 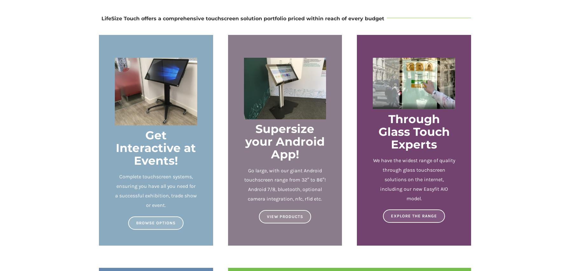 What do you see at coordinates (378, 131) in the screenshot?
I see `'Through Glass Touch Experts'` at bounding box center [378, 131].